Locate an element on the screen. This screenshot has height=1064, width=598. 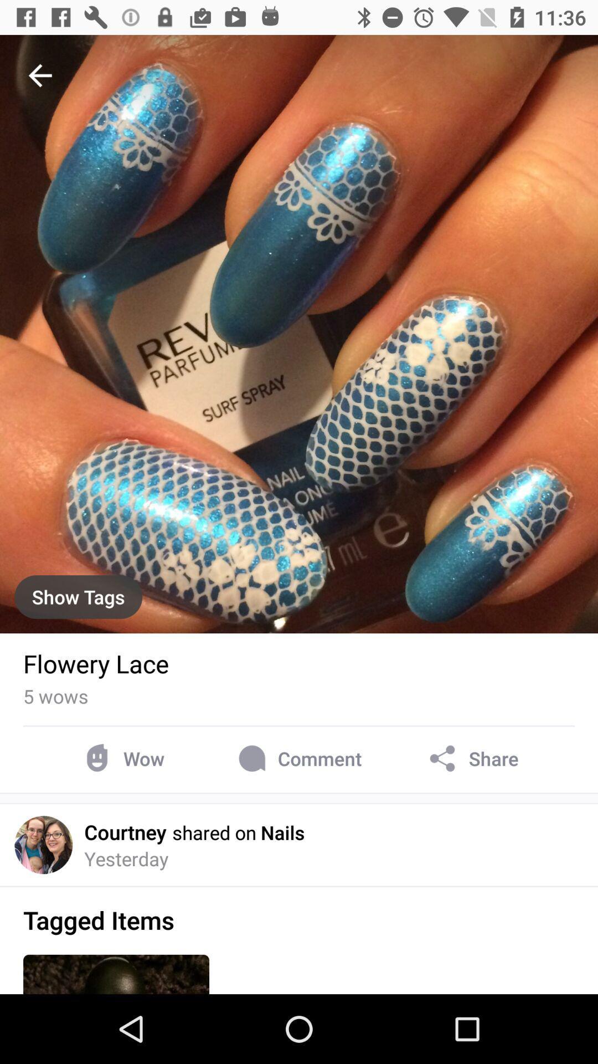
the share item is located at coordinates (472, 758).